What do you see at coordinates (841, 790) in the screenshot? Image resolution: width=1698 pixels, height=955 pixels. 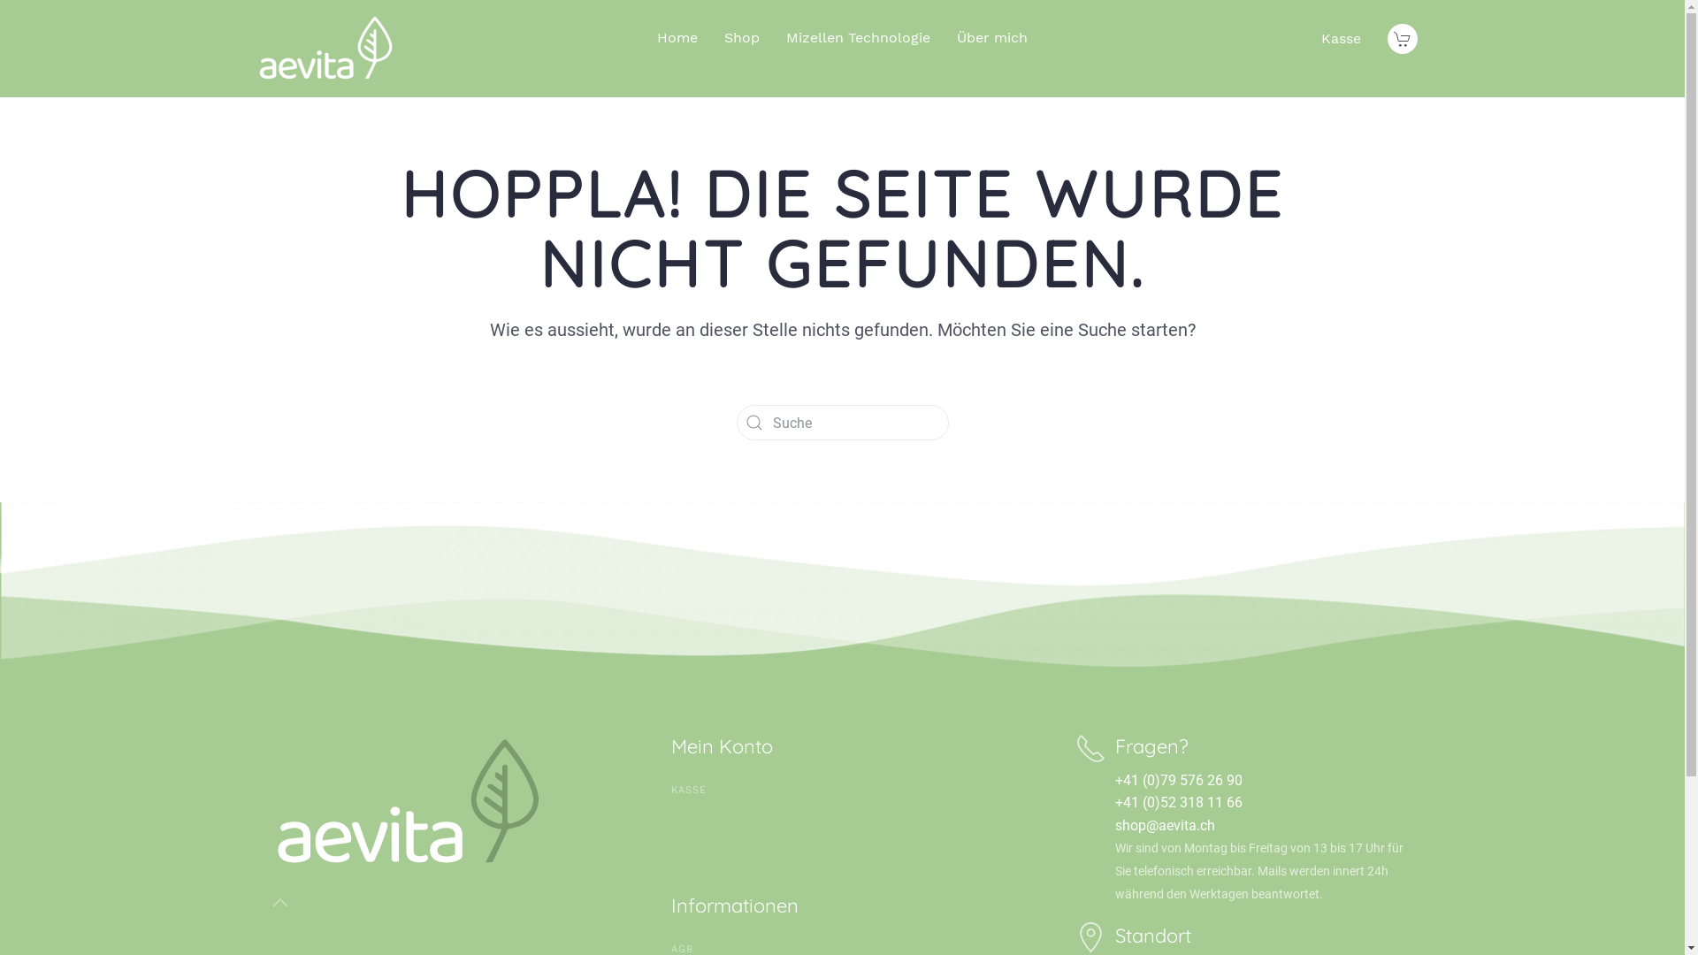 I see `'KASSE'` at bounding box center [841, 790].